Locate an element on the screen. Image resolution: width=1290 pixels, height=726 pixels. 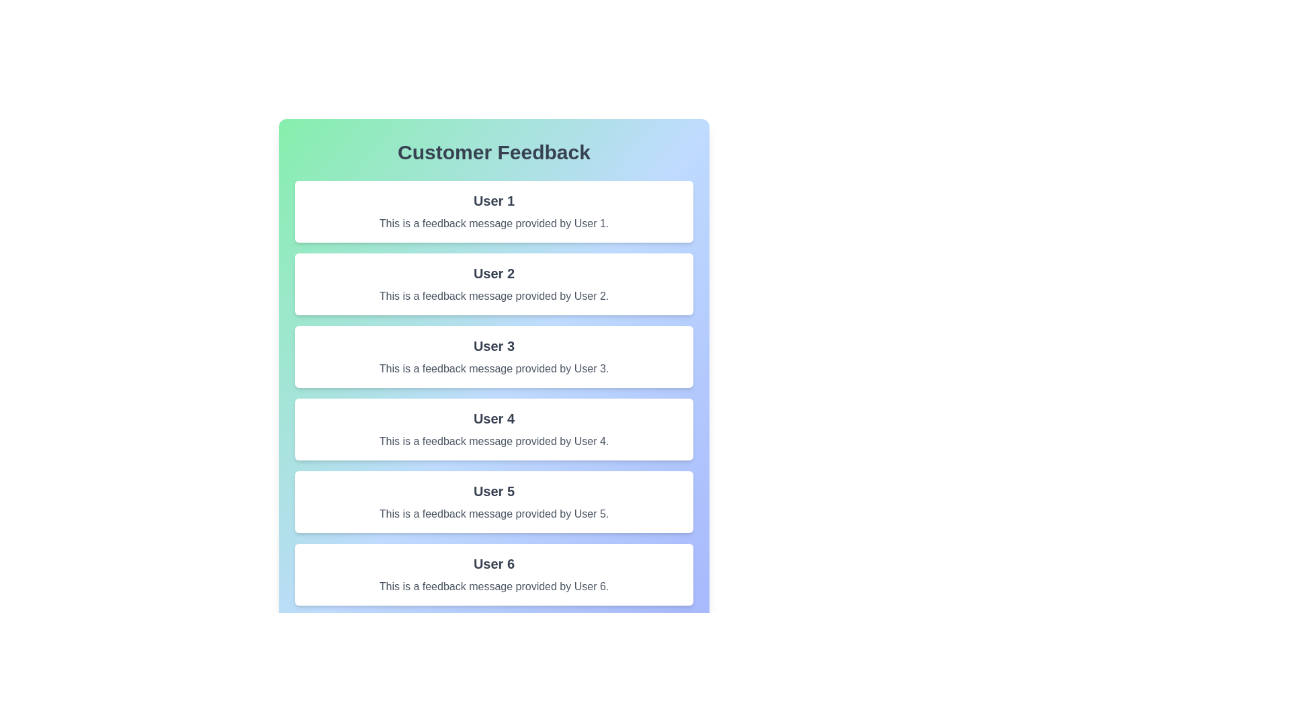
the text label that reads 'This is a feedback message provided by User 5.' located within the fifth card down the list, situated directly below the heading 'User 5' is located at coordinates (493, 514).